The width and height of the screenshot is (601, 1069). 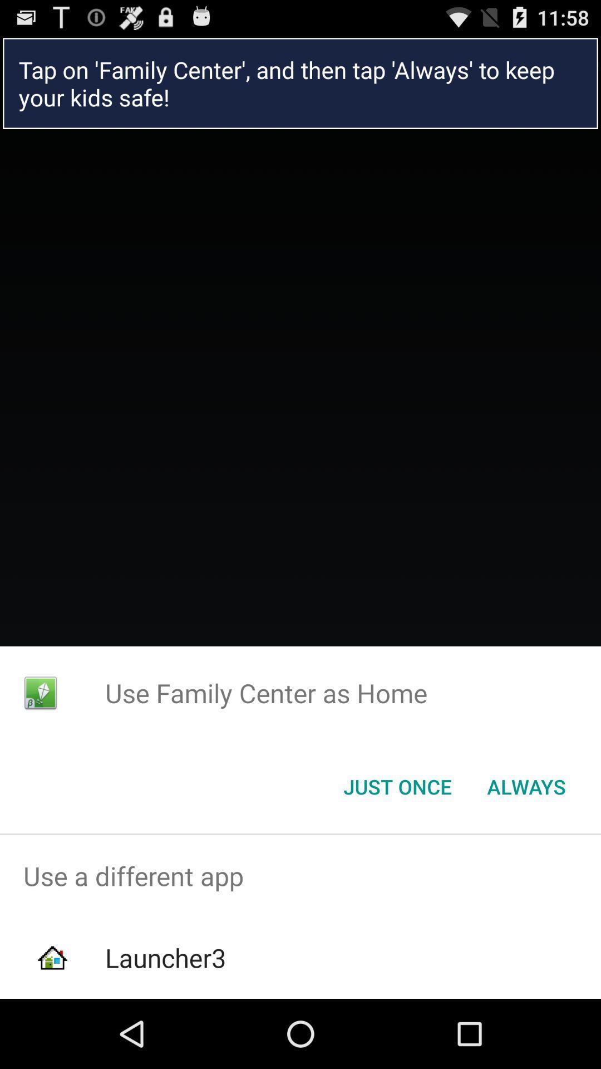 What do you see at coordinates (526, 786) in the screenshot?
I see `button next to the just once button` at bounding box center [526, 786].